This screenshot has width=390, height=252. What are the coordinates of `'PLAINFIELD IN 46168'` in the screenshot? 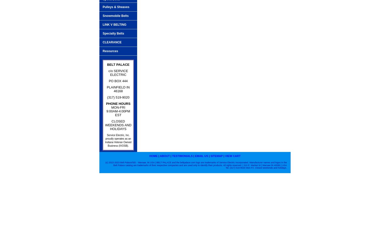 It's located at (118, 89).